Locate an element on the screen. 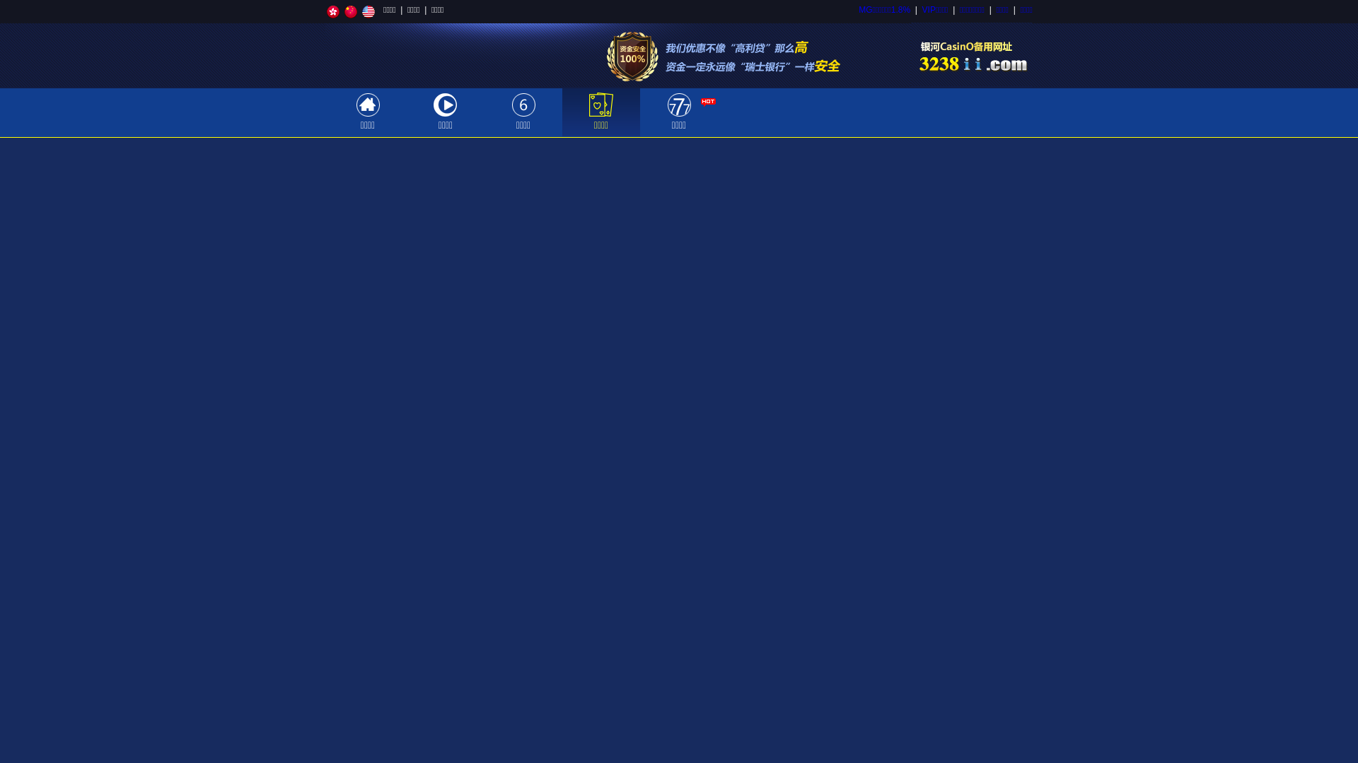 The height and width of the screenshot is (763, 1358). 'English' is located at coordinates (368, 11).